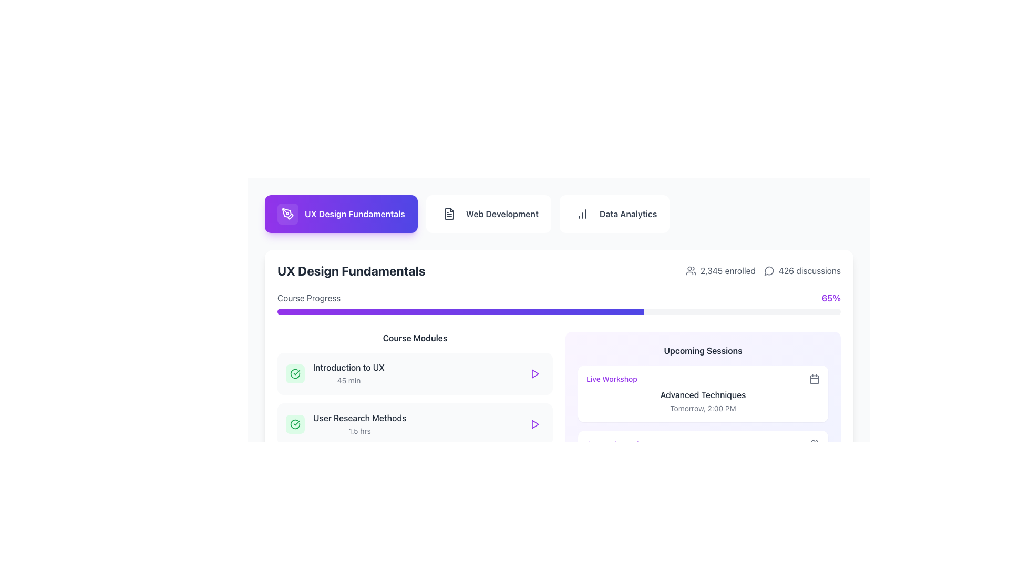  What do you see at coordinates (348, 380) in the screenshot?
I see `the text label displaying '45 min', which indicates the duration of the module, located to the right and slightly below 'Introduction to UX' in the 'Course Modules' list` at bounding box center [348, 380].